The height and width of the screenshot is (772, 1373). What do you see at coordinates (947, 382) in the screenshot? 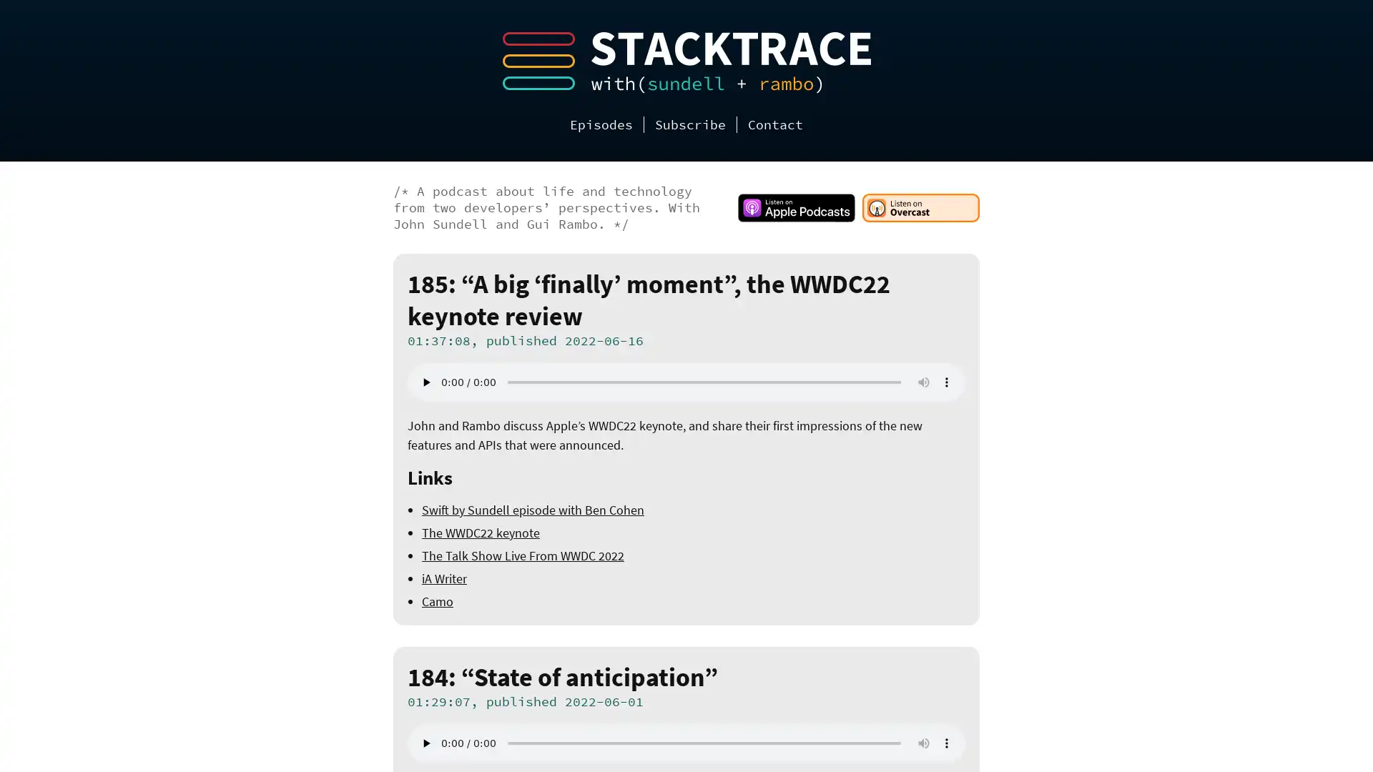
I see `show more media controls` at bounding box center [947, 382].